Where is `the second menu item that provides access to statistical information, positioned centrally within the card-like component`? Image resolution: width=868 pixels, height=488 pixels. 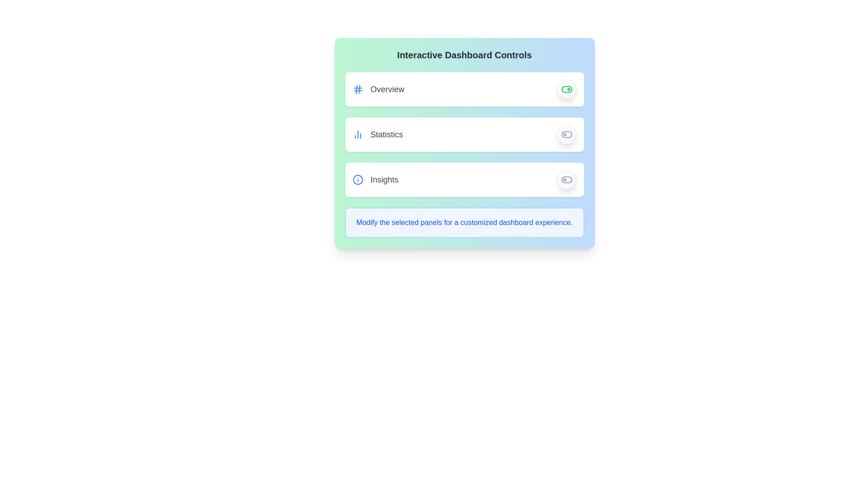
the second menu item that provides access to statistical information, positioned centrally within the card-like component is located at coordinates (464, 134).